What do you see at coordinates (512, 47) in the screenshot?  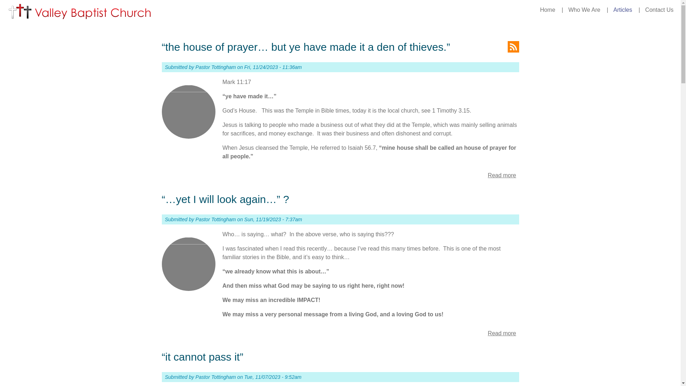 I see `' '` at bounding box center [512, 47].